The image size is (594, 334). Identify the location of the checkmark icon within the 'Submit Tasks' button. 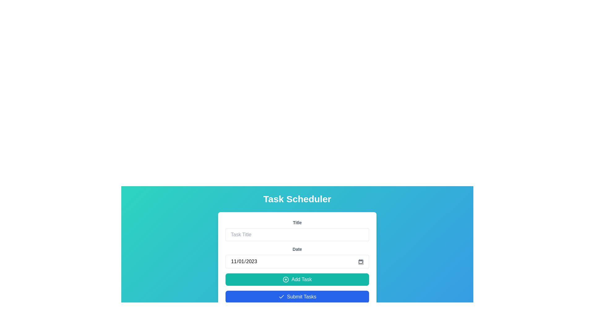
(281, 296).